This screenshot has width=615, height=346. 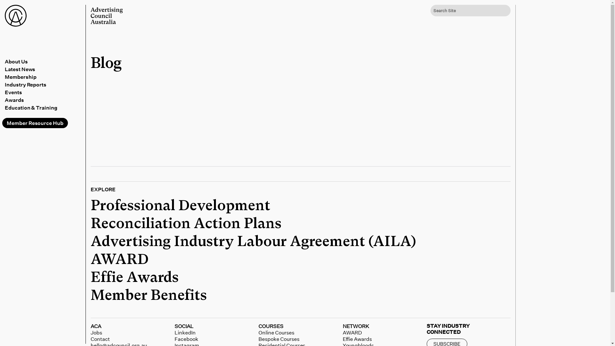 What do you see at coordinates (90, 259) in the screenshot?
I see `'AWARD'` at bounding box center [90, 259].